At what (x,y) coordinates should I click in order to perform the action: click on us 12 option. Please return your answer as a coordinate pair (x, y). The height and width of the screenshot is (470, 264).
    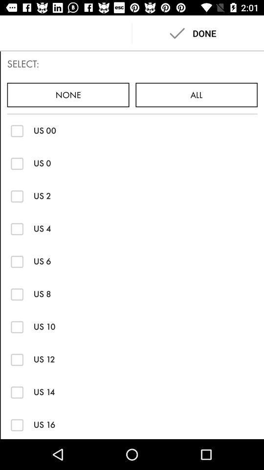
    Looking at the image, I should click on (17, 359).